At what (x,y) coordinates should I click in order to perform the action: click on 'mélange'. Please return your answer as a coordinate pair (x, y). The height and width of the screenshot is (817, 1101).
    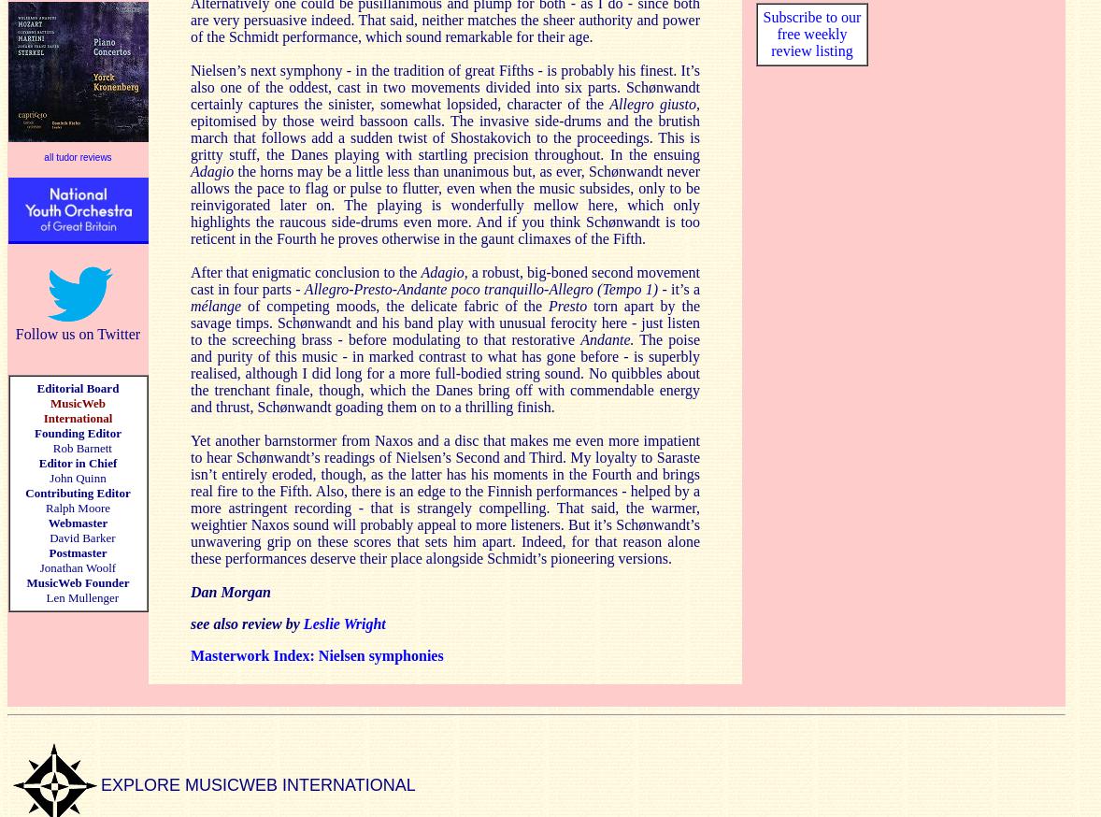
    Looking at the image, I should click on (218, 304).